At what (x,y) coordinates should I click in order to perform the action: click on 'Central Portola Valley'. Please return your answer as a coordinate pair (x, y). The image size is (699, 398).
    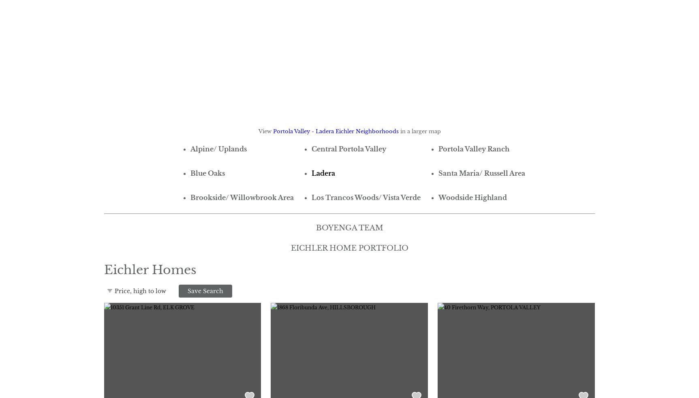
    Looking at the image, I should click on (348, 148).